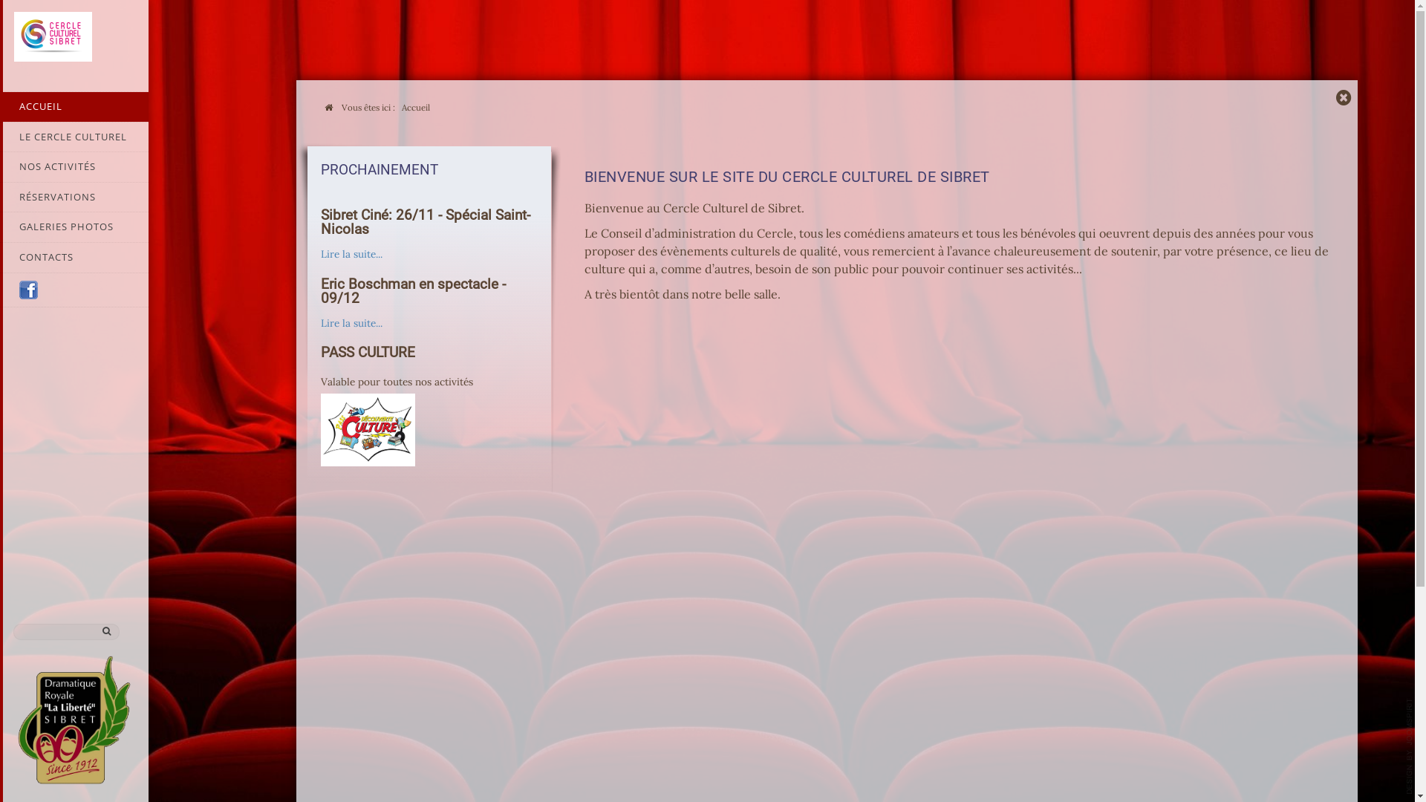 This screenshot has width=1426, height=802. Describe the element at coordinates (74, 105) in the screenshot. I see `'ACCUEIL'` at that location.